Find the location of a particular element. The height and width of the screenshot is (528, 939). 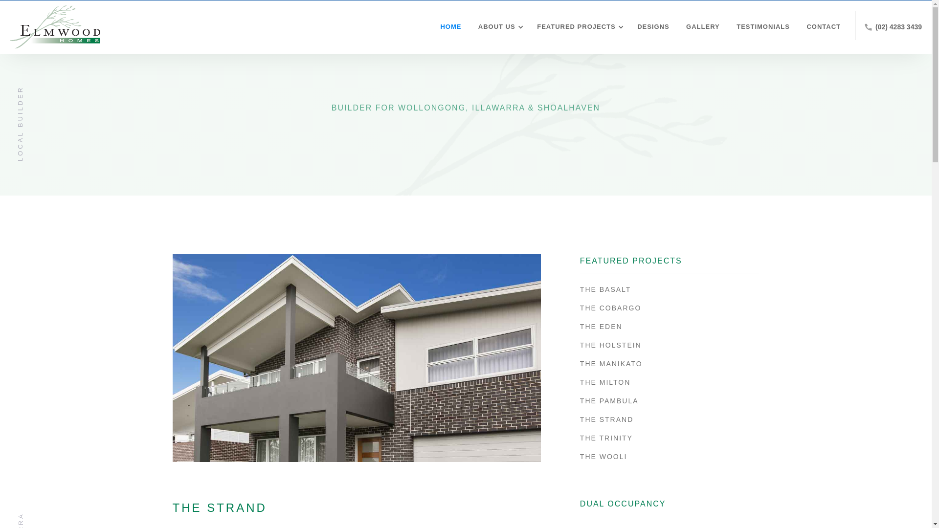

'THE WOOLI' is located at coordinates (669, 456).